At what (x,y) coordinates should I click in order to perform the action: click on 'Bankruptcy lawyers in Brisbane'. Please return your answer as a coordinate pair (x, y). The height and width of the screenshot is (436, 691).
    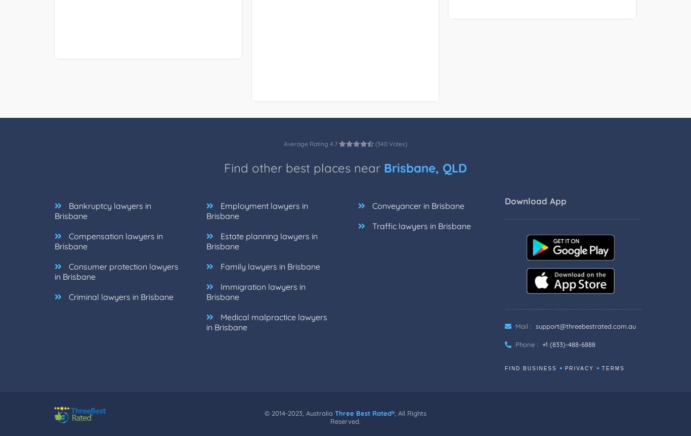
    Looking at the image, I should click on (102, 222).